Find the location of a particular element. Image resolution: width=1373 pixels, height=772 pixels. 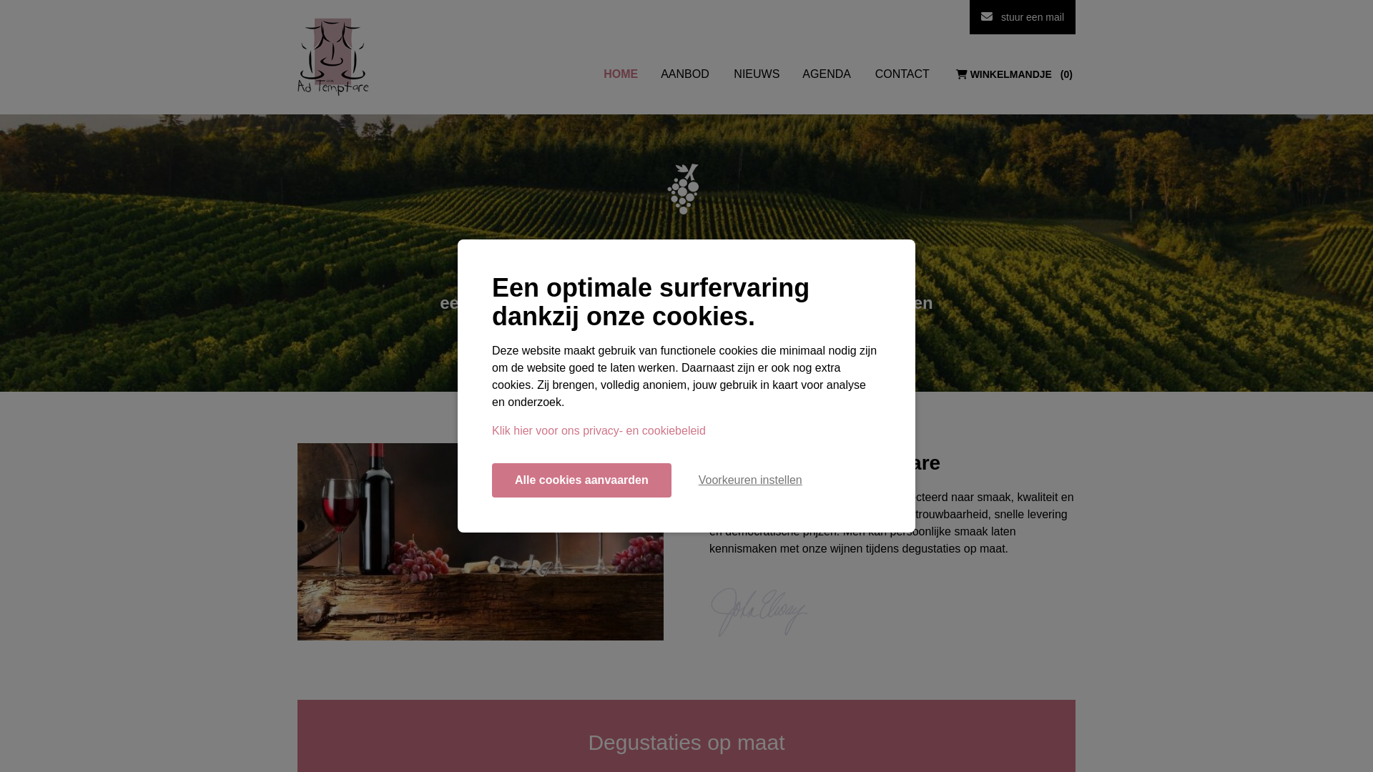

'AGENDA' is located at coordinates (827, 74).